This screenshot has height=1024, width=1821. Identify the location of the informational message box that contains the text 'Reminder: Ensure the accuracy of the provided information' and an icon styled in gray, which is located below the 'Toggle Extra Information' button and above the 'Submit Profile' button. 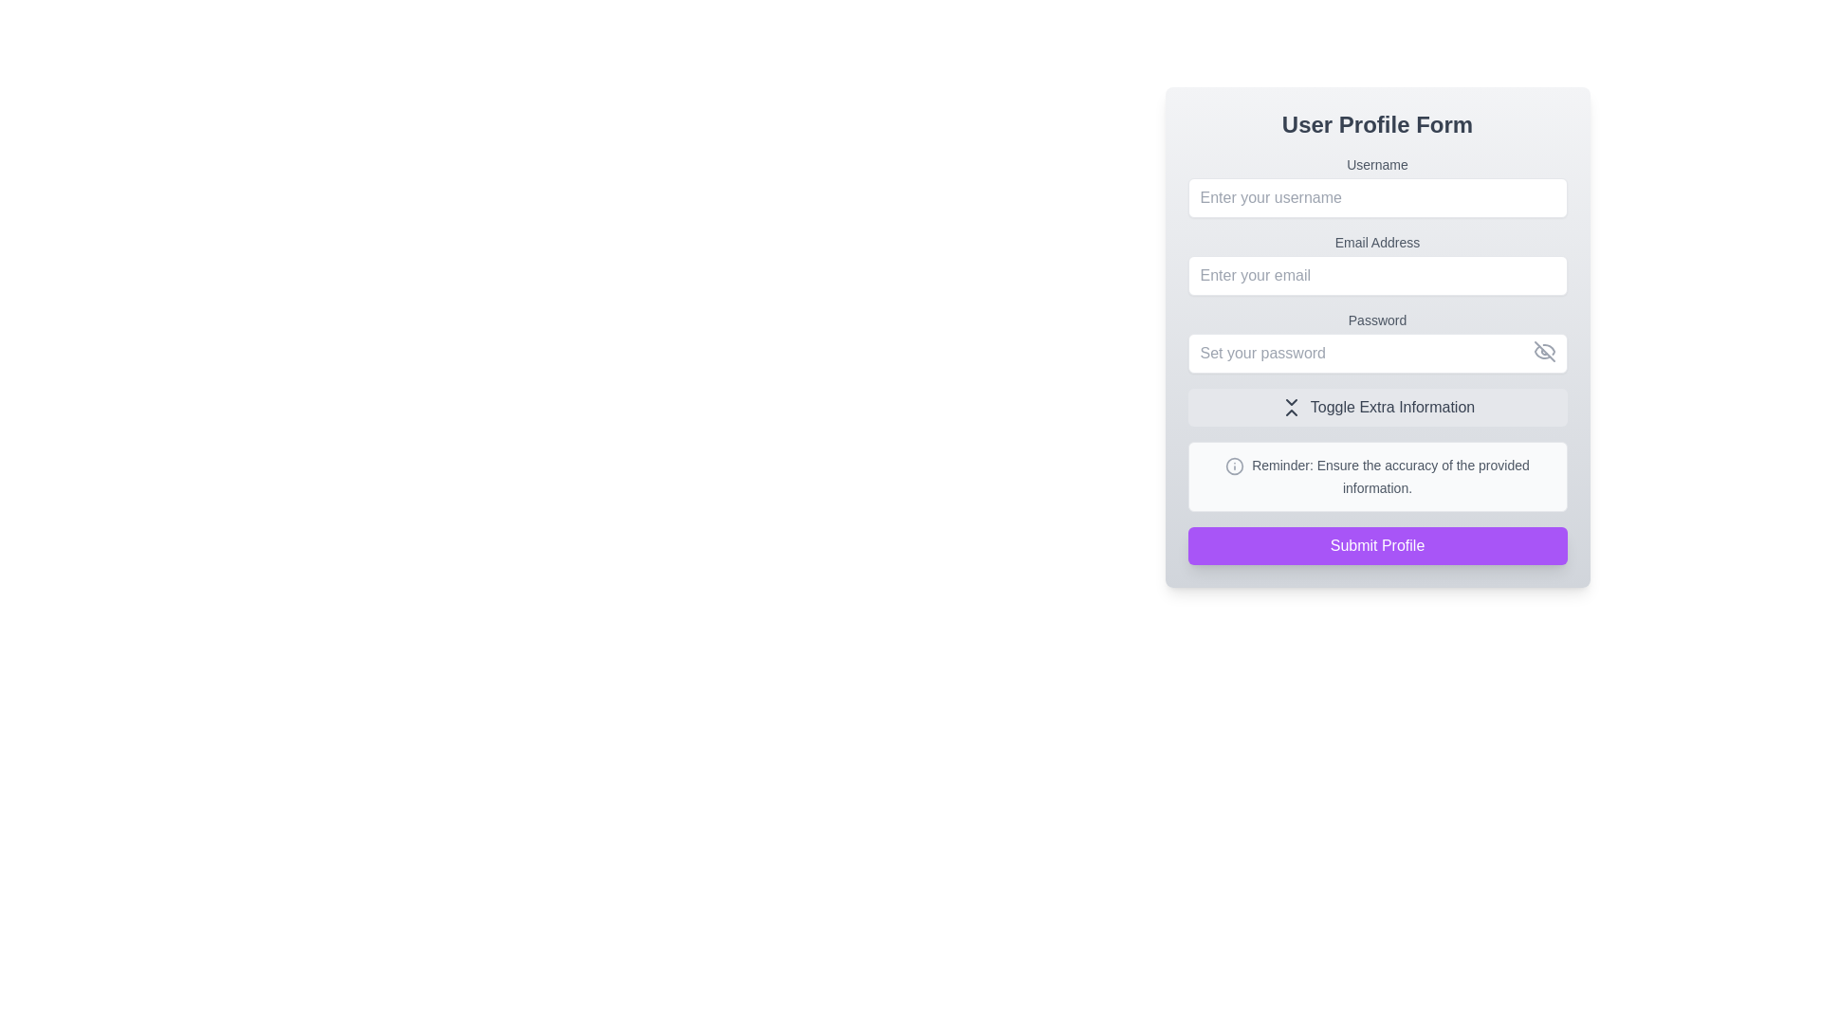
(1377, 475).